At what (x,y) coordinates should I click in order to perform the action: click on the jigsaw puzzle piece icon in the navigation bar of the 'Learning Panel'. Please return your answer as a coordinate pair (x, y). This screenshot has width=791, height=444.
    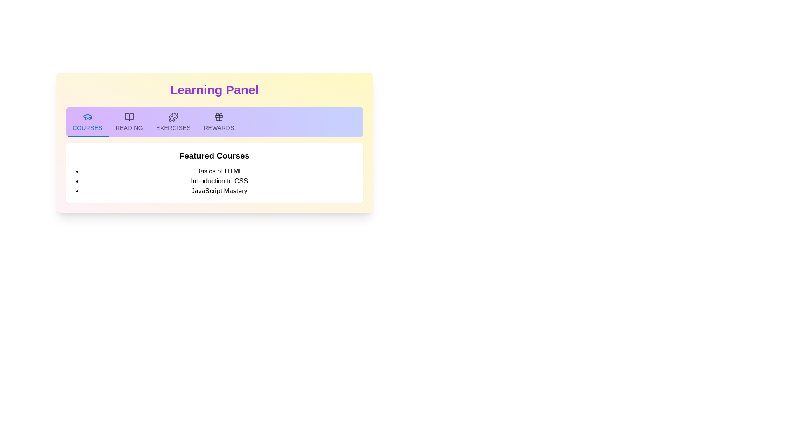
    Looking at the image, I should click on (173, 117).